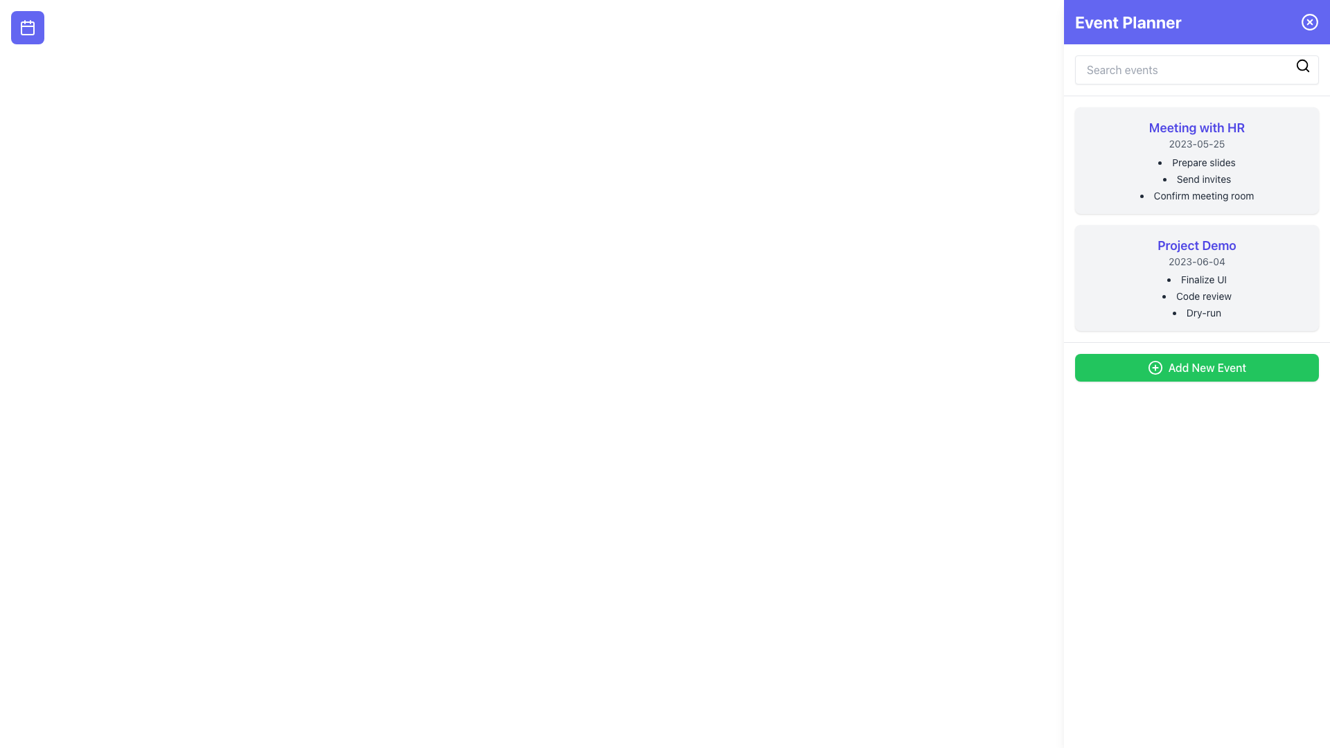  What do you see at coordinates (1302, 66) in the screenshot?
I see `the magnifying glass icon in the top-right corner of the search bar to trigger visual feedback` at bounding box center [1302, 66].